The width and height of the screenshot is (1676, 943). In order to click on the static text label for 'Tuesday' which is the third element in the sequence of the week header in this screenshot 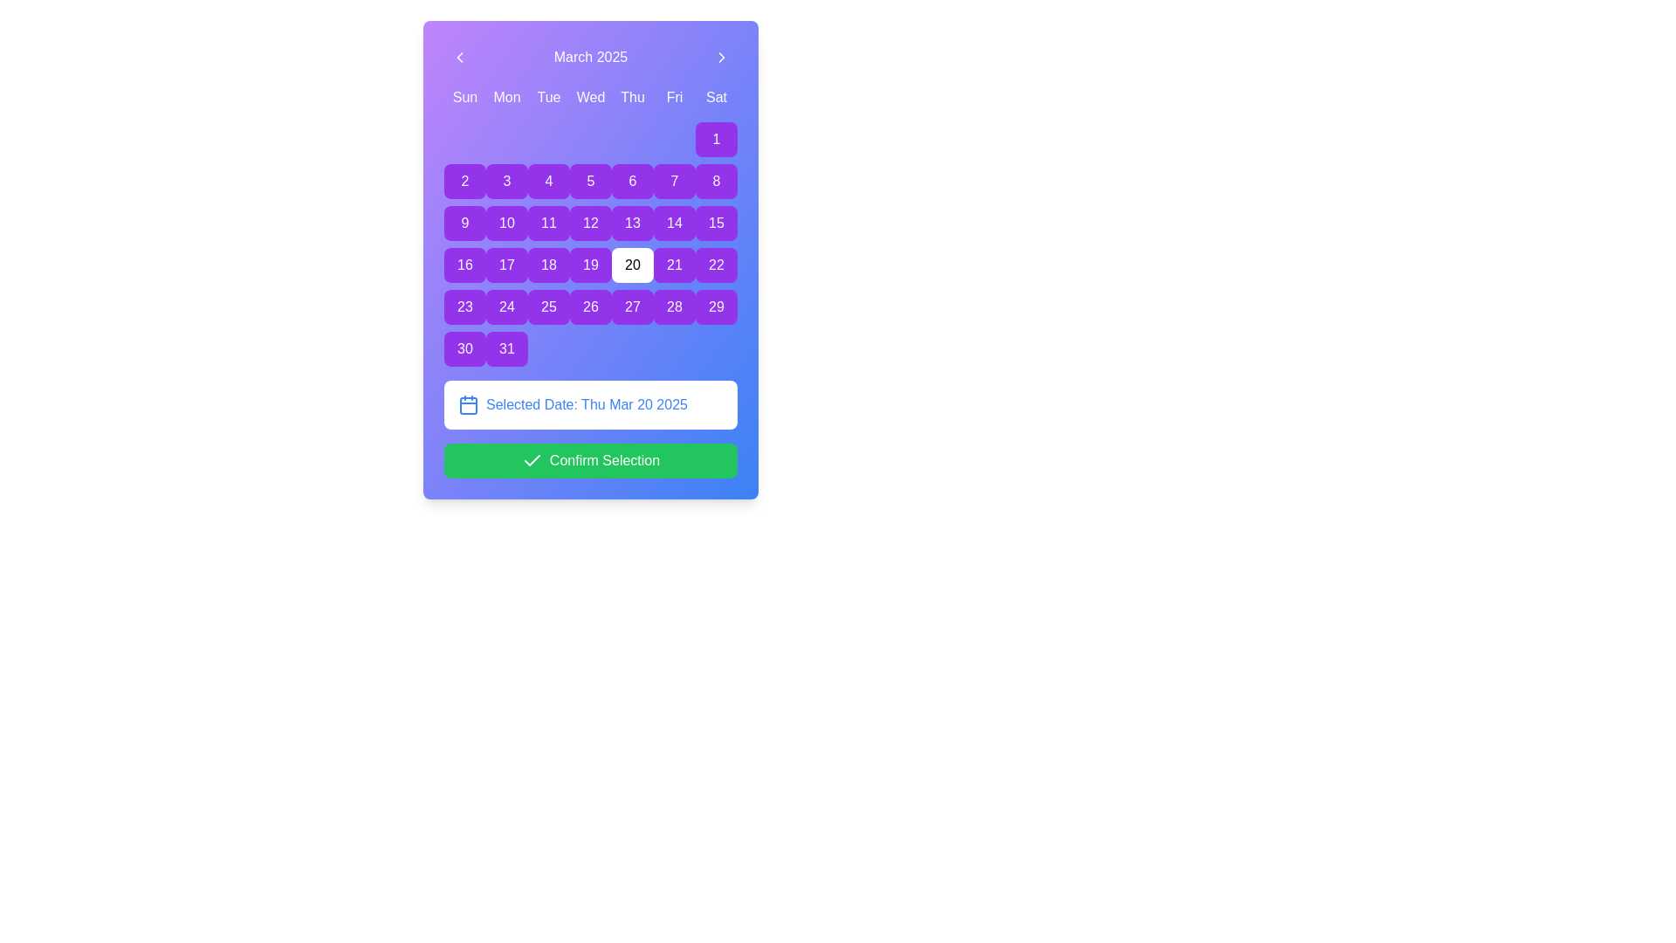, I will do `click(547, 97)`.